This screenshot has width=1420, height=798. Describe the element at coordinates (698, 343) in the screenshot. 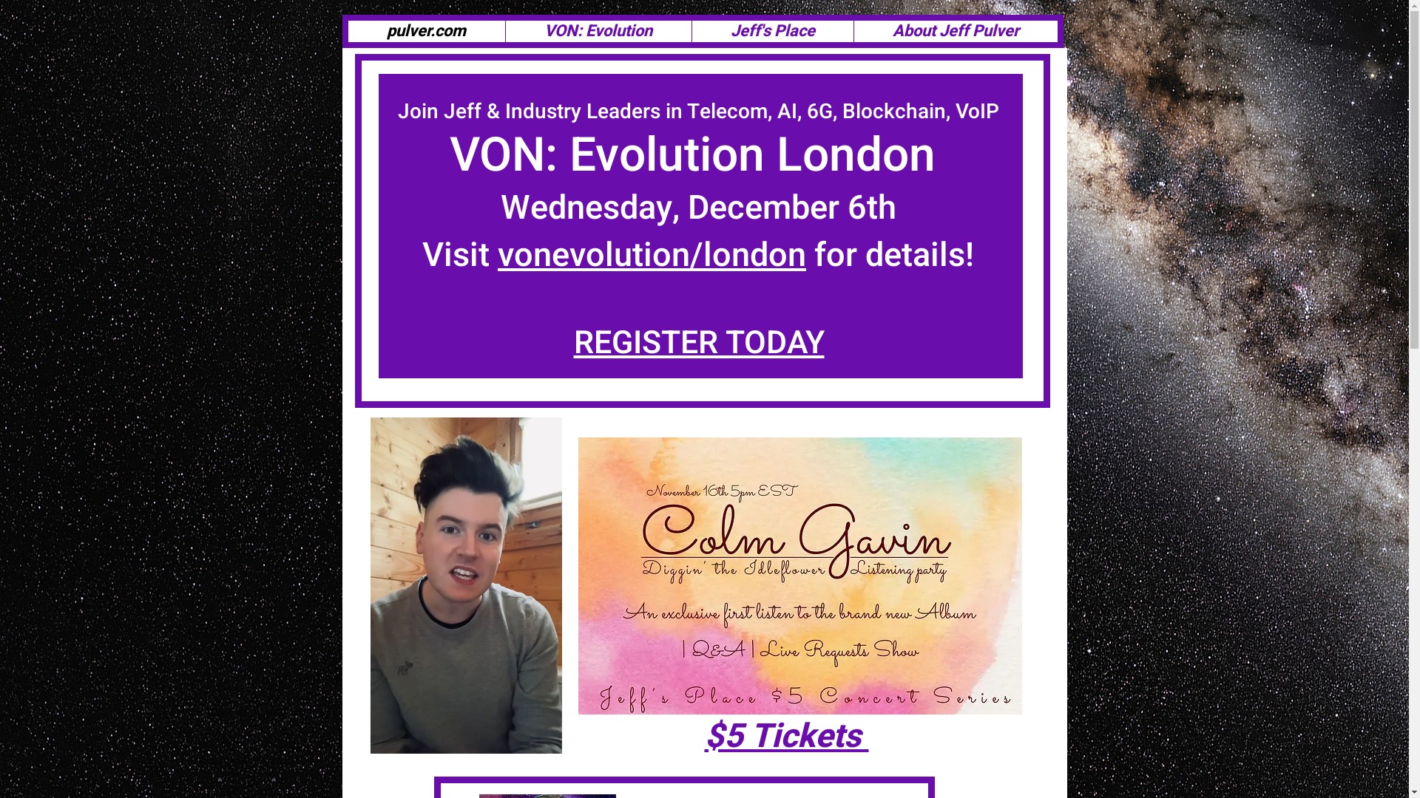

I see `'REGISTER TODAY'` at that location.